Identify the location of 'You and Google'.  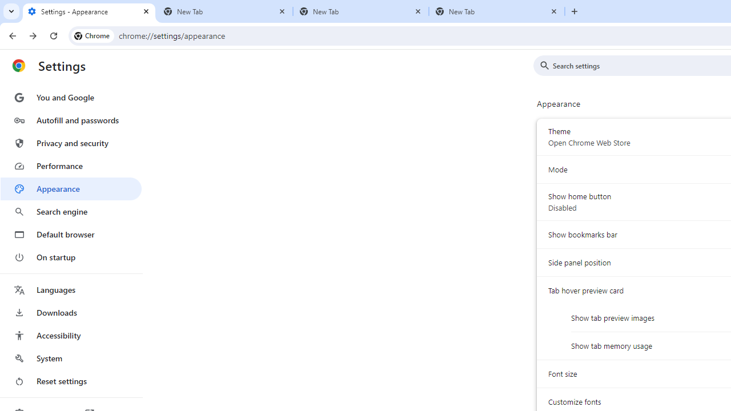
(70, 97).